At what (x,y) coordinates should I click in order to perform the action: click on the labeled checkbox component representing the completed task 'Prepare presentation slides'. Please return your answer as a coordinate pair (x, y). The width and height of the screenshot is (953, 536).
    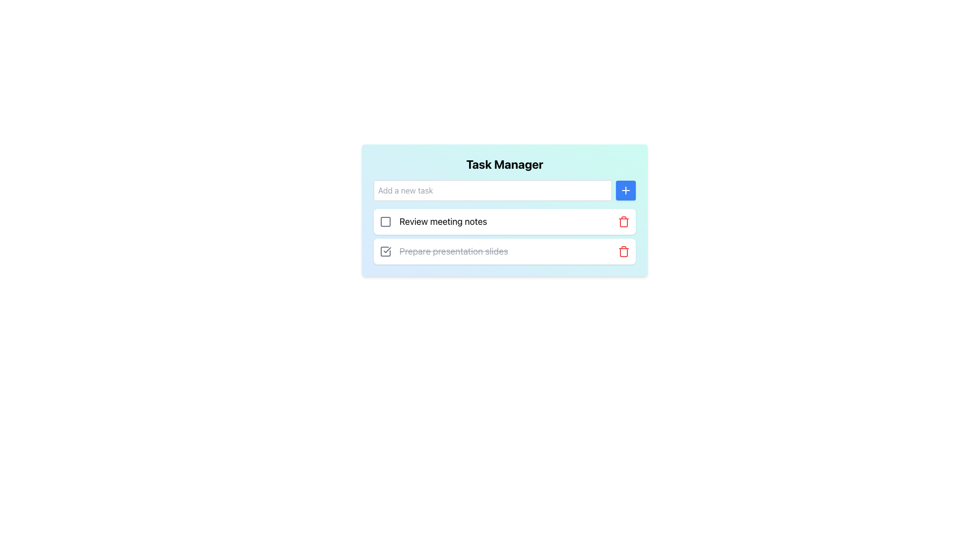
    Looking at the image, I should click on (443, 251).